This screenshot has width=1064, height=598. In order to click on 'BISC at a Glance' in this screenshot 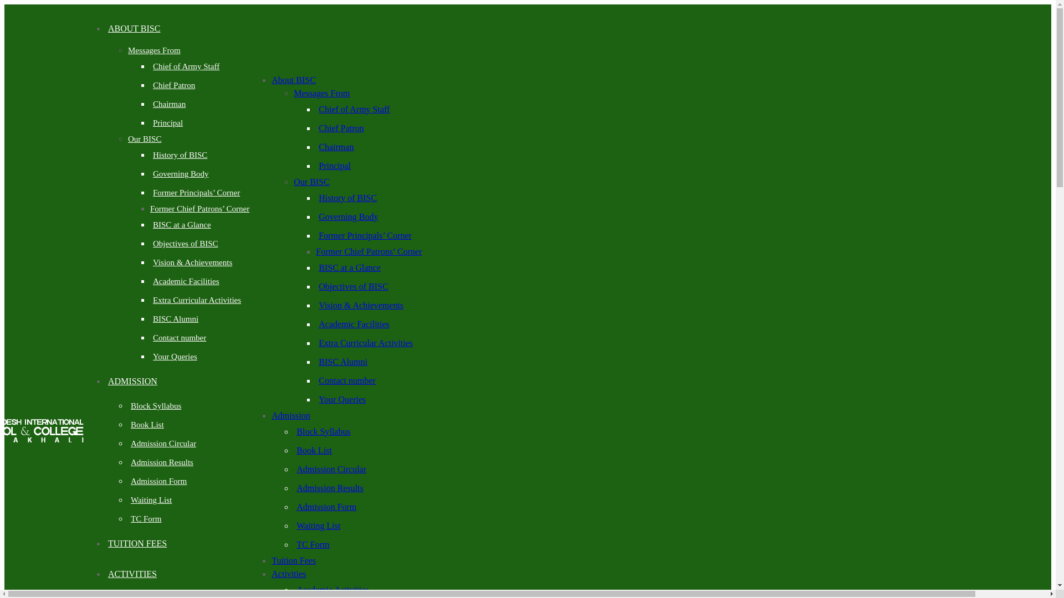, I will do `click(349, 267)`.